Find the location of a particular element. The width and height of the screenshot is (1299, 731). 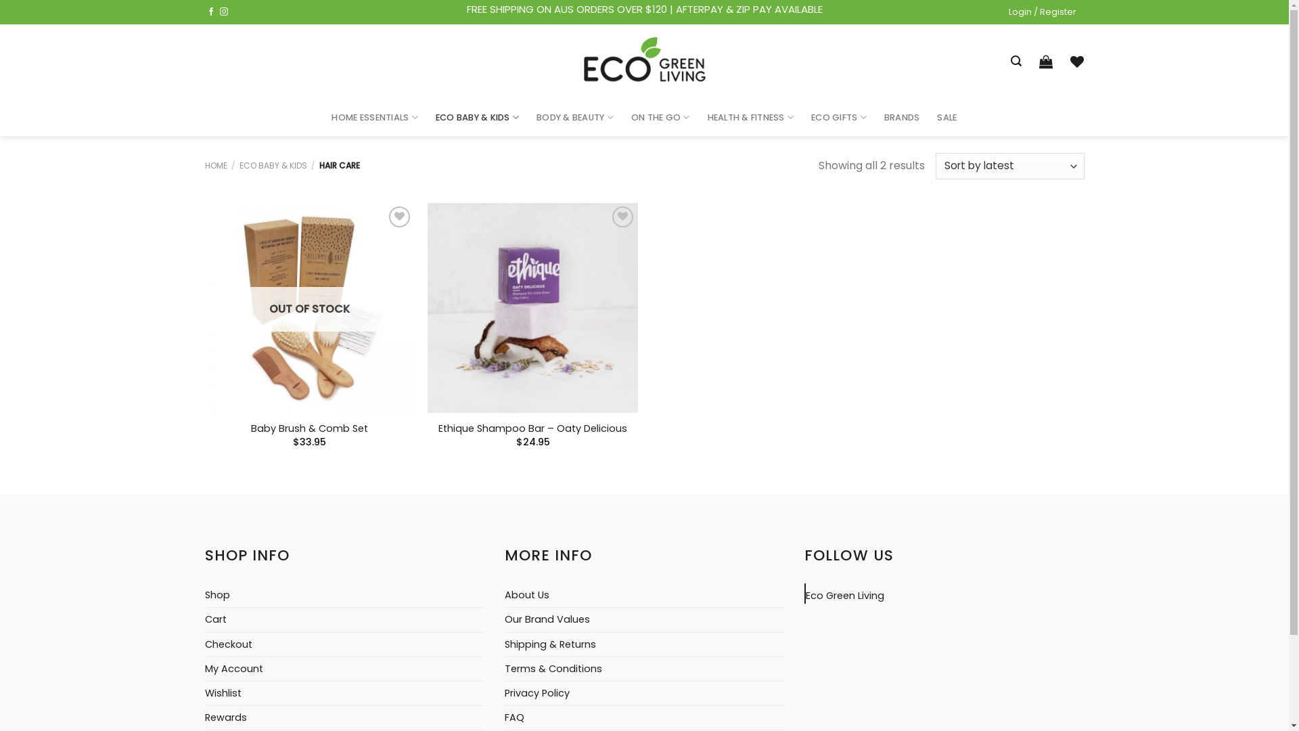

'Shop' is located at coordinates (204, 594).